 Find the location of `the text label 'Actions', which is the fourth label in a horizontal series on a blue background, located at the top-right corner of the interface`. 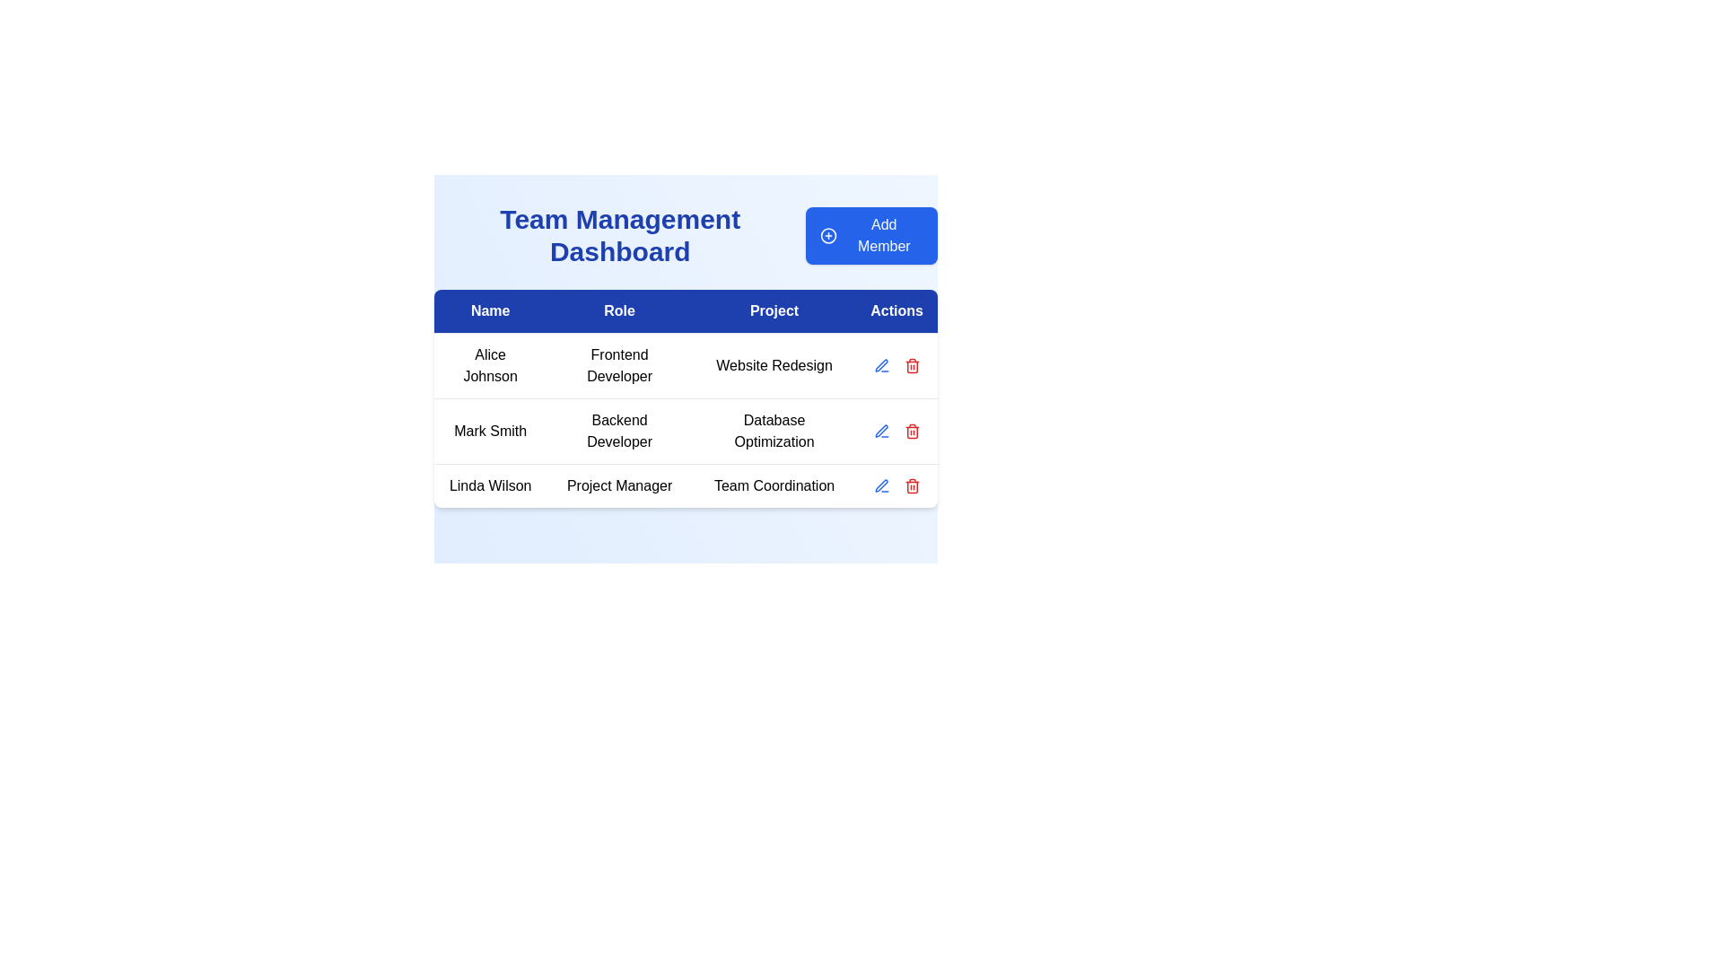

the text label 'Actions', which is the fourth label in a horizontal series on a blue background, located at the top-right corner of the interface is located at coordinates (896, 310).